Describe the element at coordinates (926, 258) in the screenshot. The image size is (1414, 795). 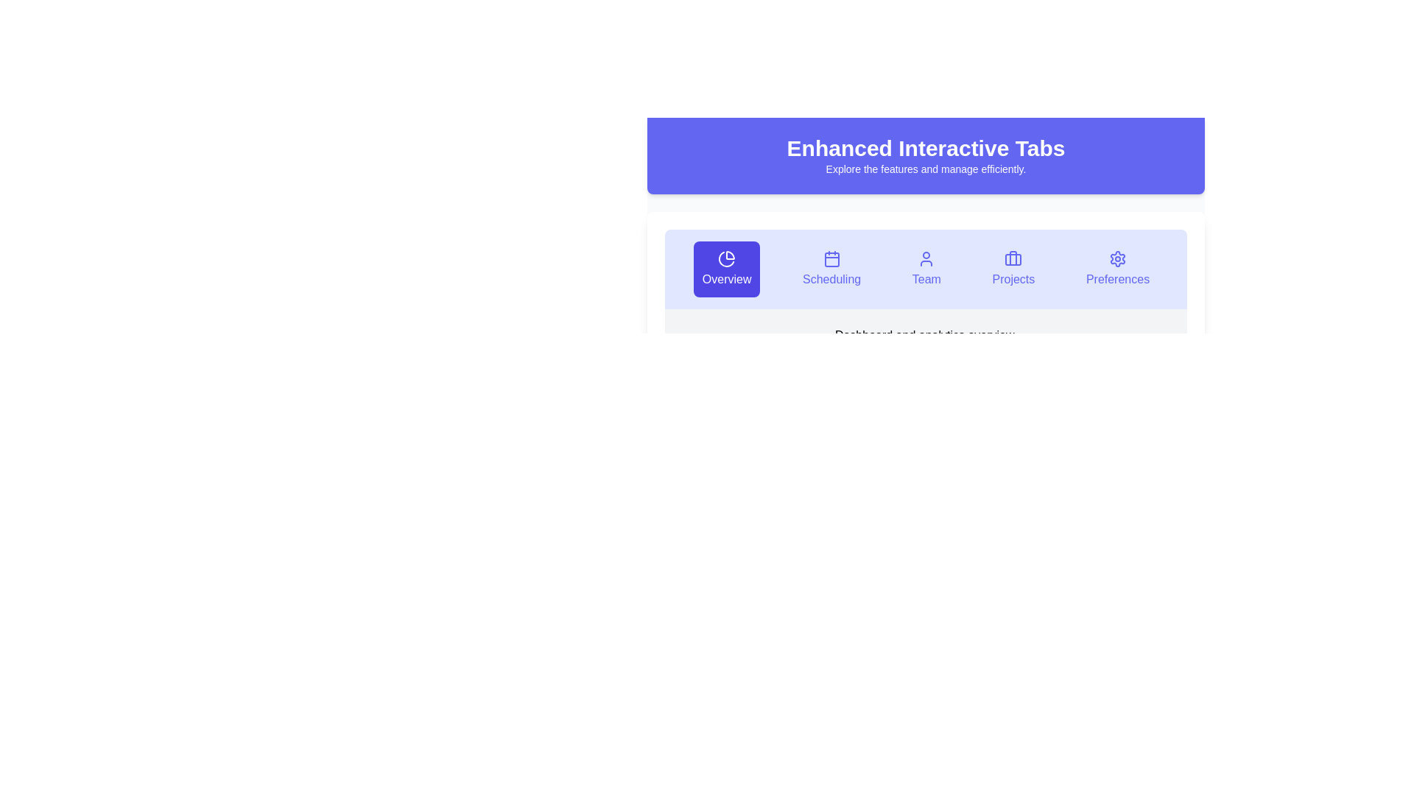
I see `the profile silhouette icon, which is styled as a minimalistic outline design and is located above the 'Team' label in the top navigation bar` at that location.